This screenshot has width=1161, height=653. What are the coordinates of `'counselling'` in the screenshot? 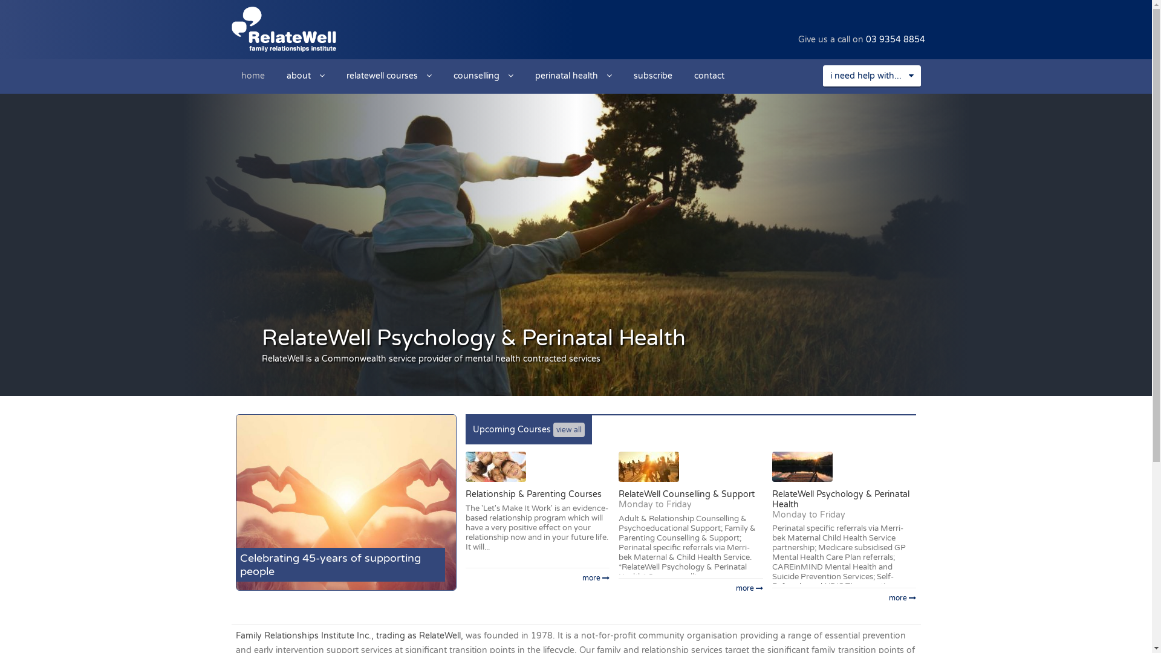 It's located at (483, 75).